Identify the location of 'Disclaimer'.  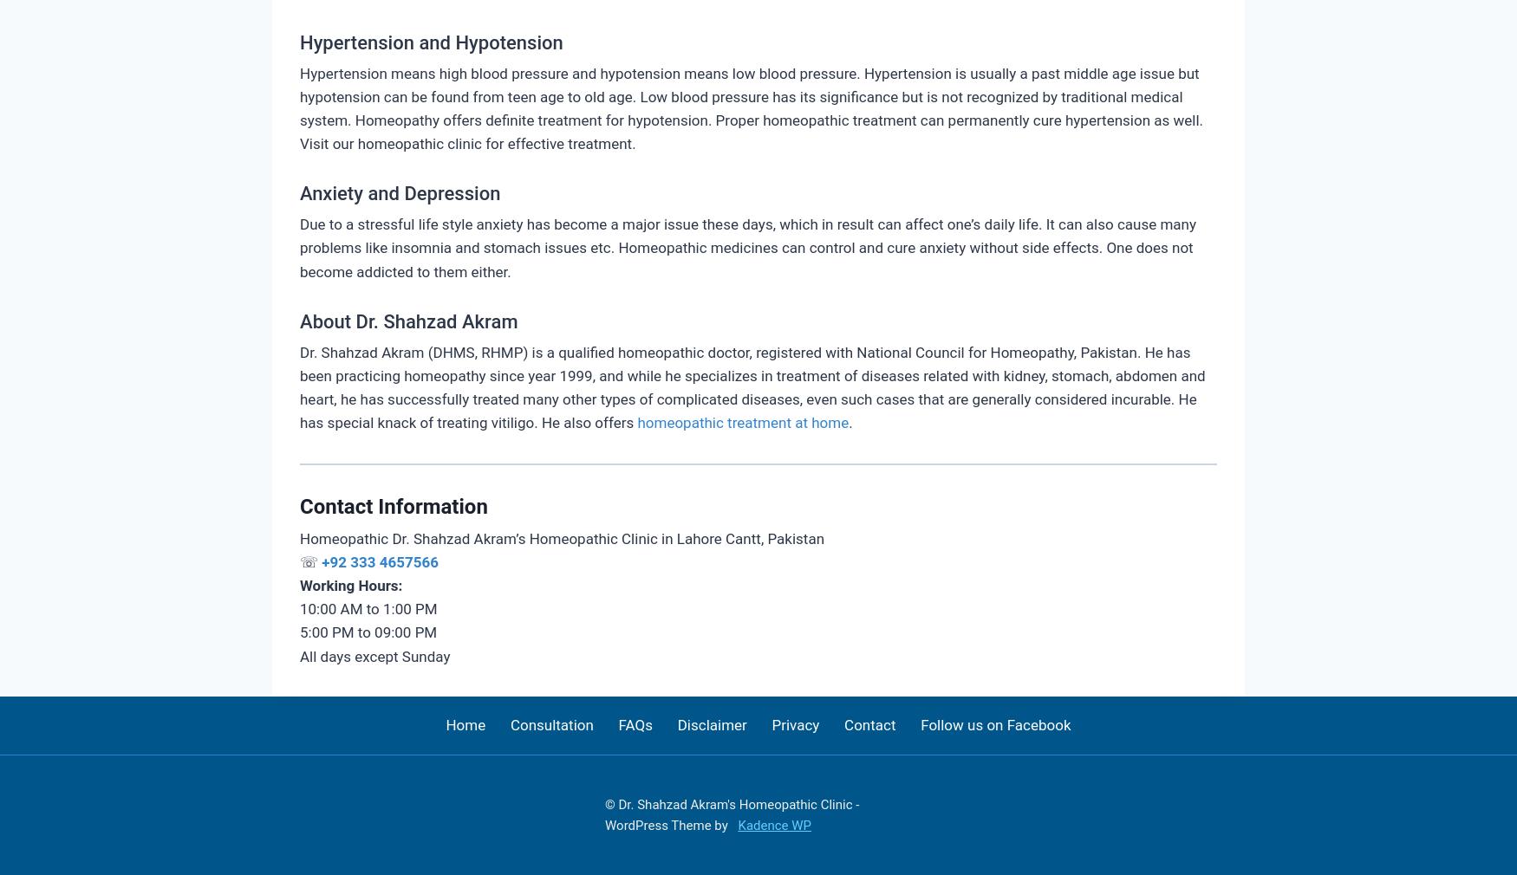
(711, 723).